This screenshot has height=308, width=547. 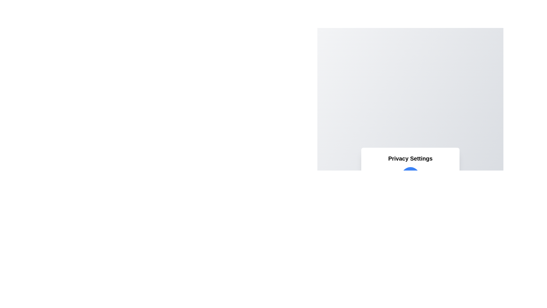 I want to click on the circular icon to observe hover effects, so click(x=410, y=176).